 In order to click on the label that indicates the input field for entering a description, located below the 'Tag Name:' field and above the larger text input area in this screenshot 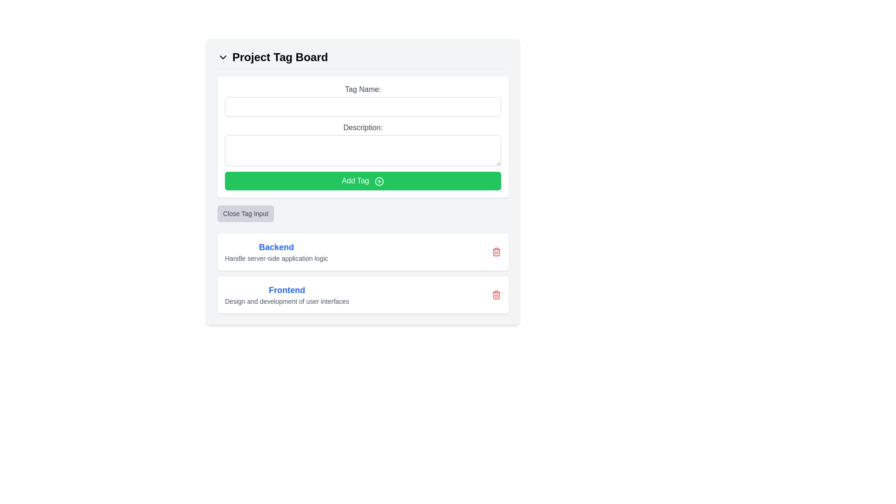, I will do `click(362, 127)`.